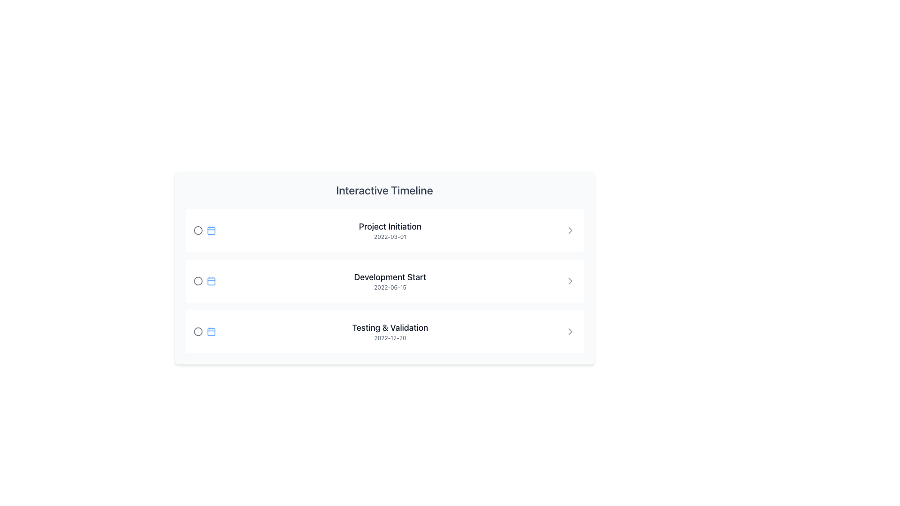 The width and height of the screenshot is (900, 506). What do you see at coordinates (210, 231) in the screenshot?
I see `decorative square element, which is a rounded square icon within the first calendar icon on the left side of the 'Project Initiation' timeline entry` at bounding box center [210, 231].